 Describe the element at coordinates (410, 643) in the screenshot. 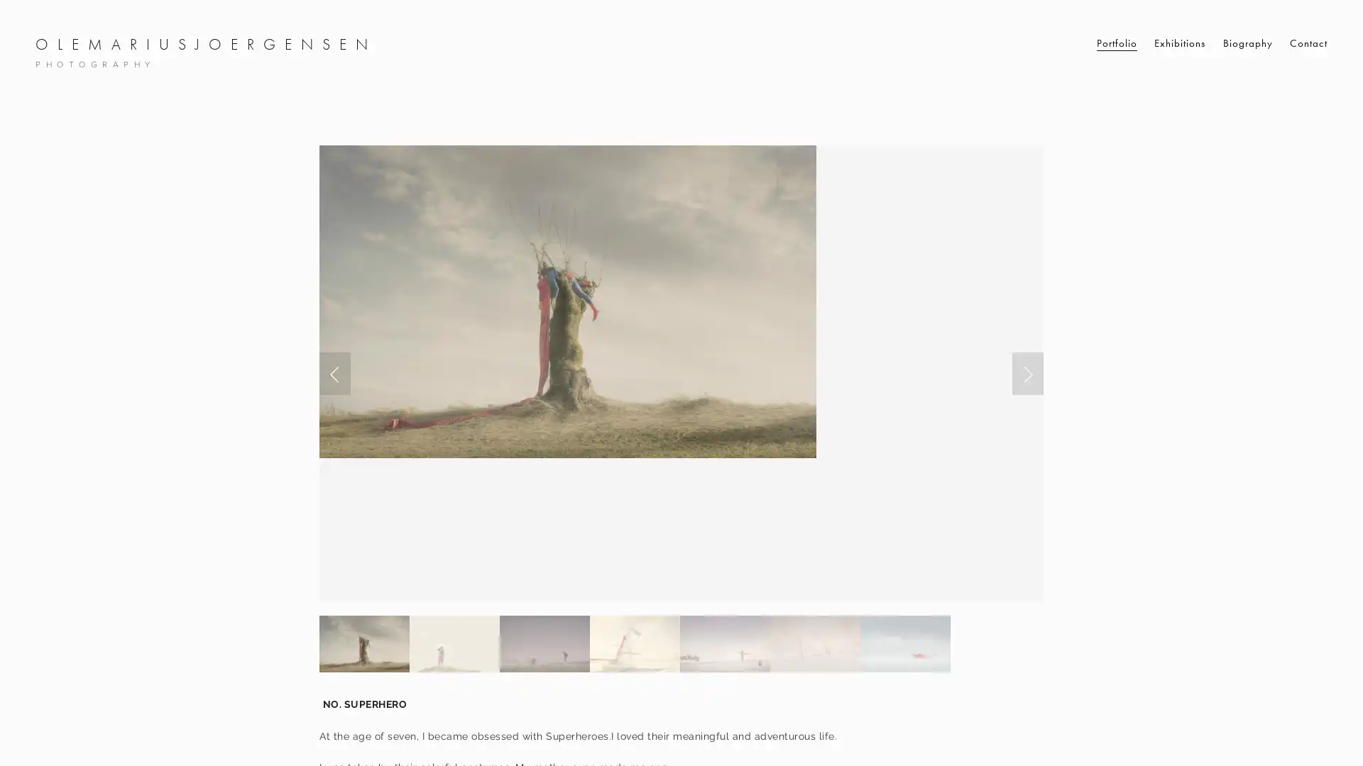

I see `Slide 1` at that location.